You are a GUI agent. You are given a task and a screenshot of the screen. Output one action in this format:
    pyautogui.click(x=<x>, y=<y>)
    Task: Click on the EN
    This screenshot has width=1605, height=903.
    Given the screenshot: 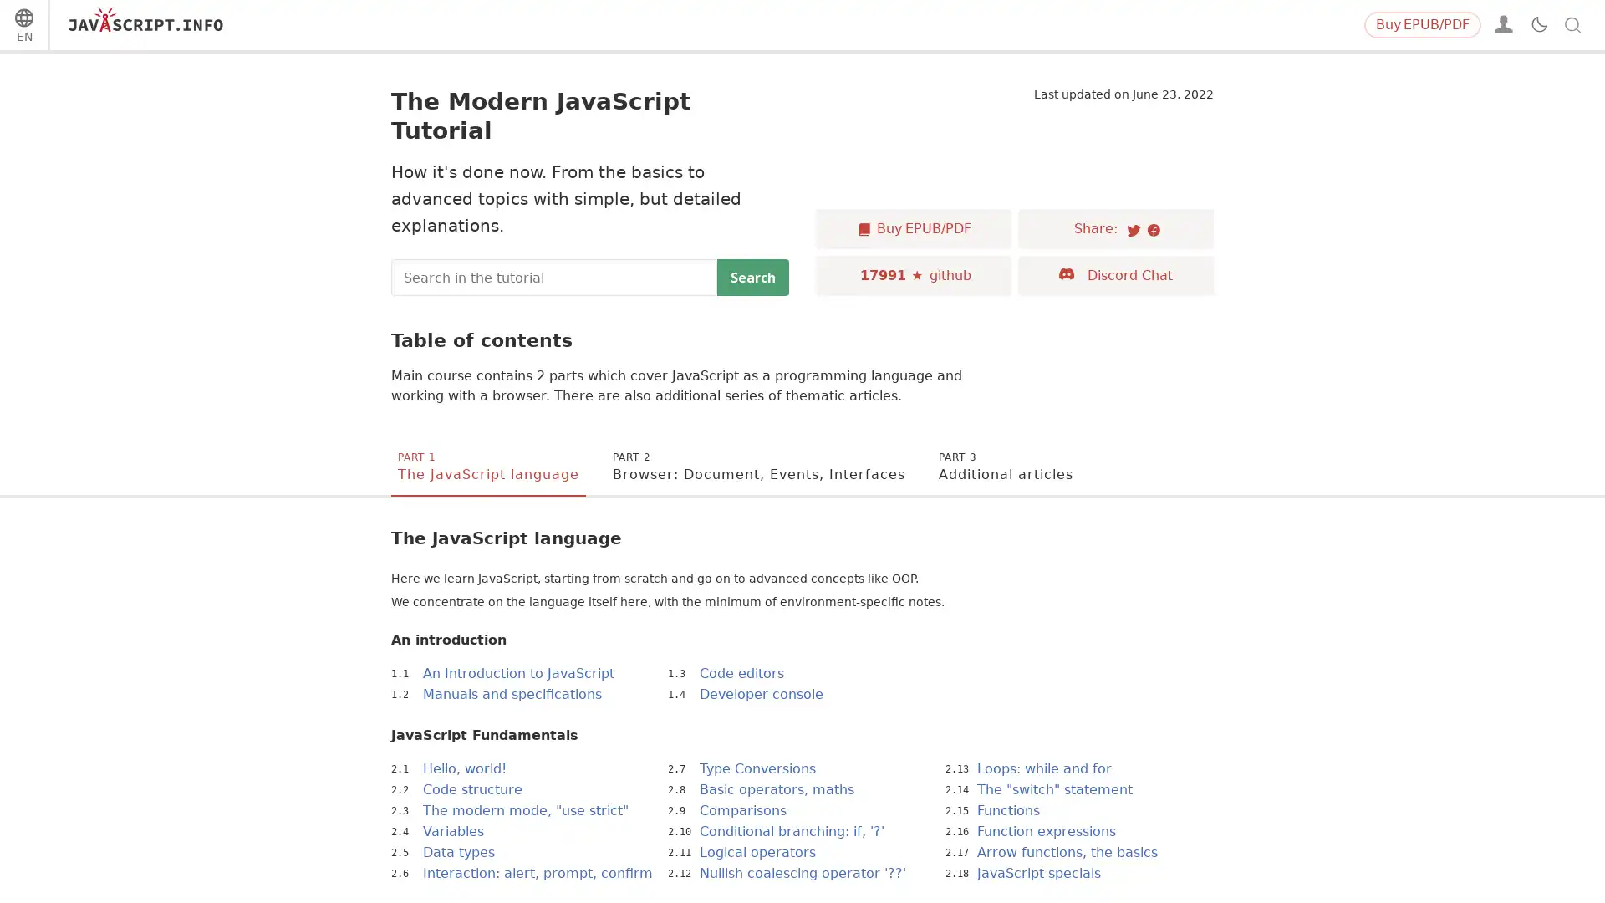 What is the action you would take?
    pyautogui.click(x=23, y=28)
    